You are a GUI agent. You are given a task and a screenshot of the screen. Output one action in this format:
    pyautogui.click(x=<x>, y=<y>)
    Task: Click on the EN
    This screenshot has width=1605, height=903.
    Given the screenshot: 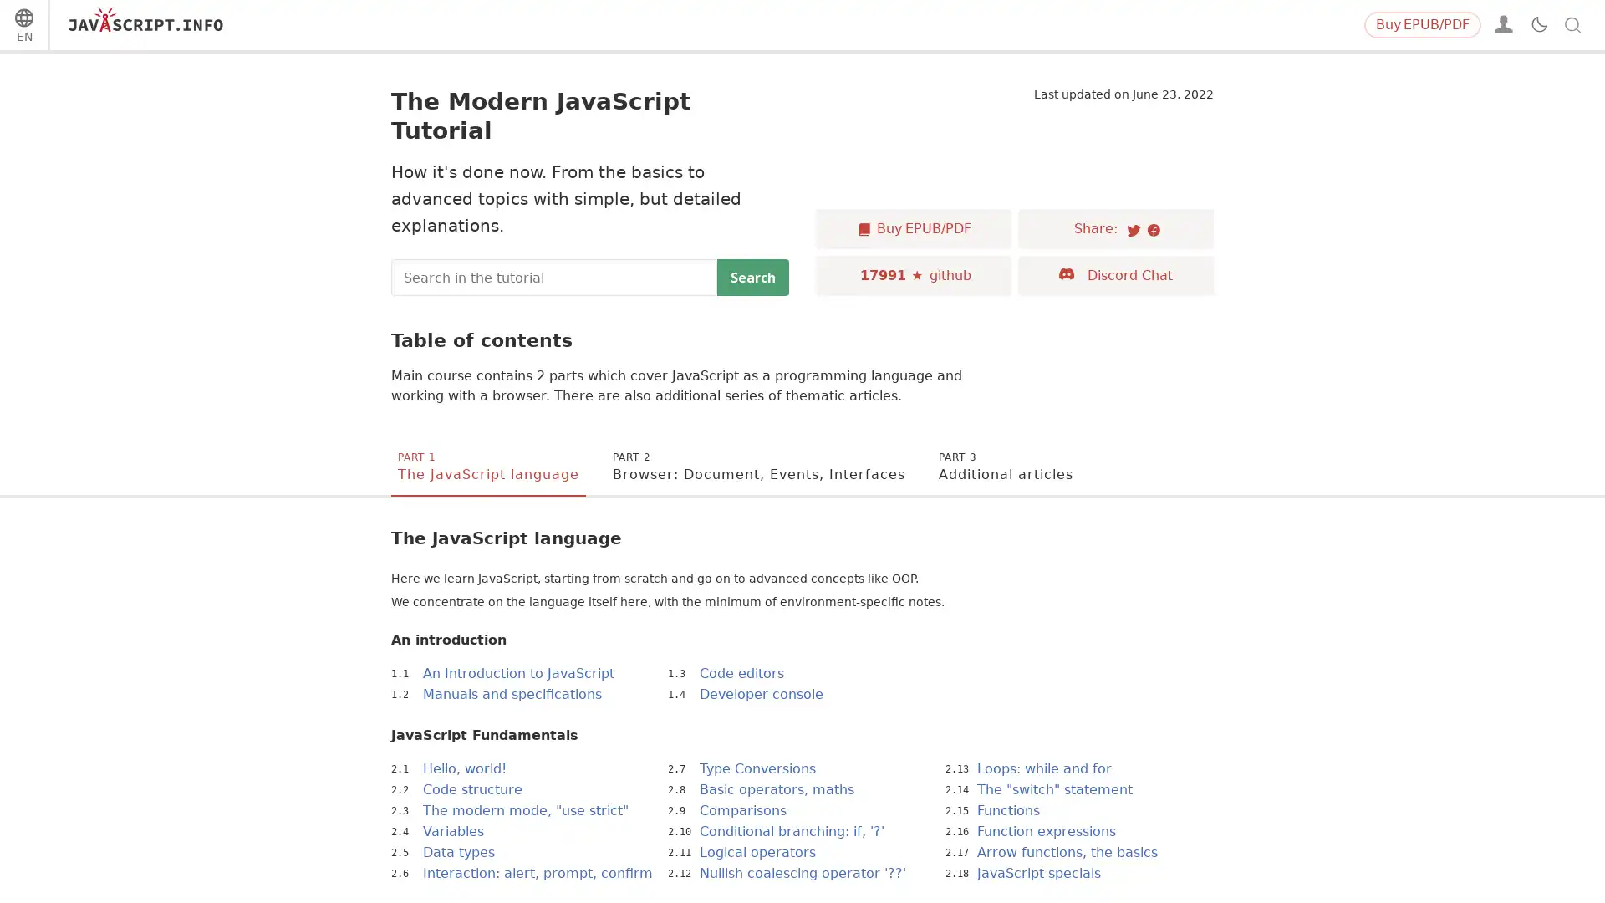 What is the action you would take?
    pyautogui.click(x=23, y=28)
    